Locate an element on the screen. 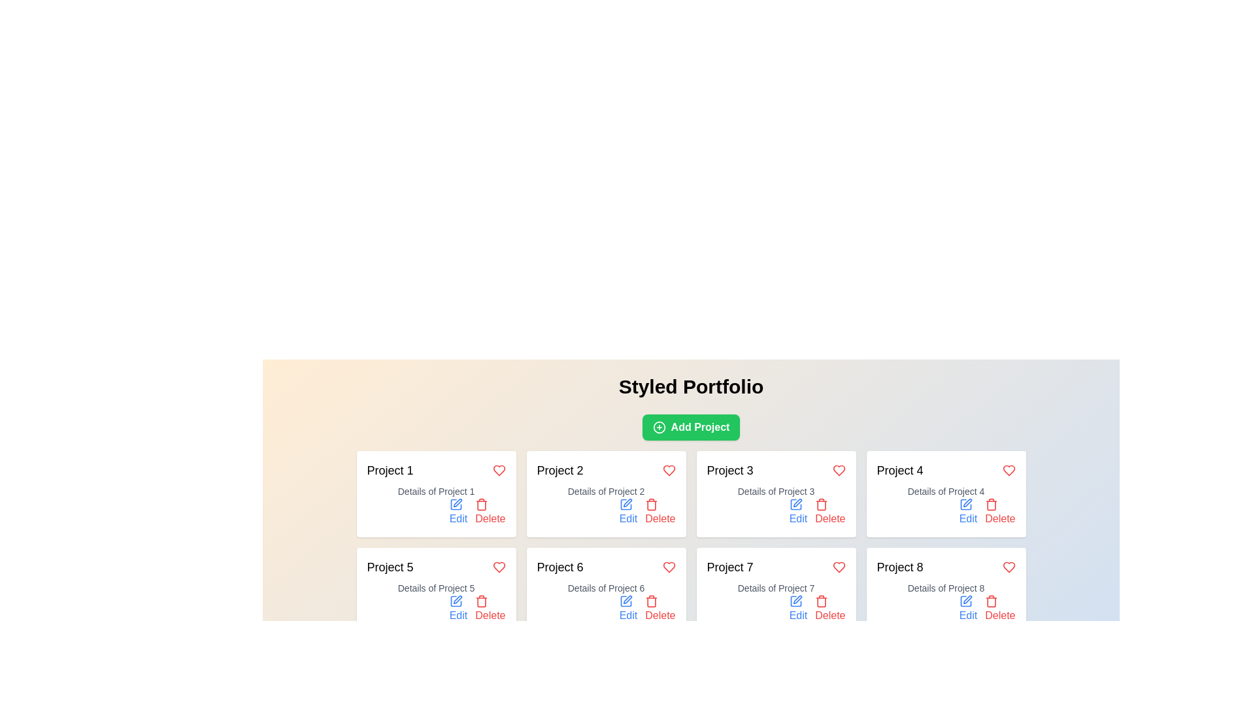  the heart icon on the project card located in the bottom row, second from the left is located at coordinates (605, 590).